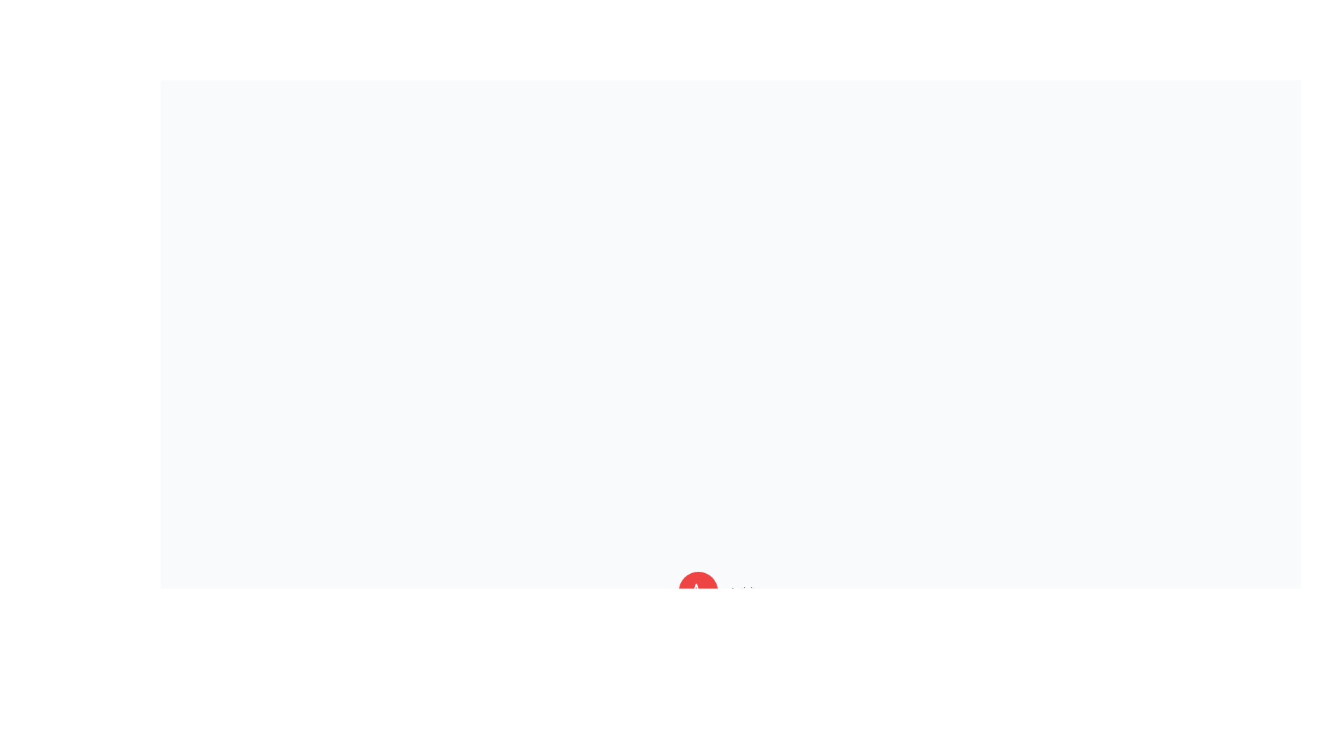 This screenshot has width=1341, height=754. Describe the element at coordinates (698, 591) in the screenshot. I see `the button corresponding to Activity to observe its tooltip or label` at that location.